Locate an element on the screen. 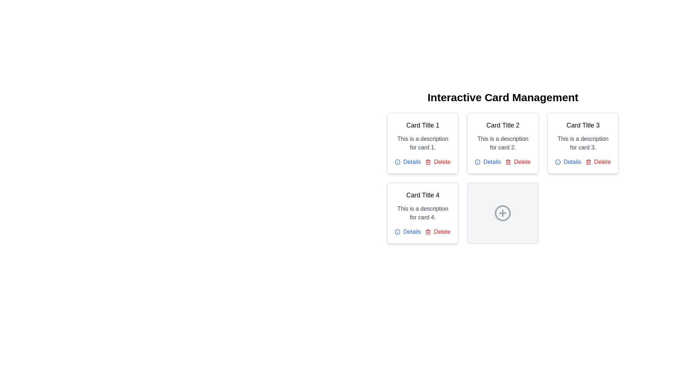 The image size is (692, 389). the small circular information icon with a blue outline located to the left of the 'Details' text in the interactive elements of 'Card Title 4' is located at coordinates (557, 162).